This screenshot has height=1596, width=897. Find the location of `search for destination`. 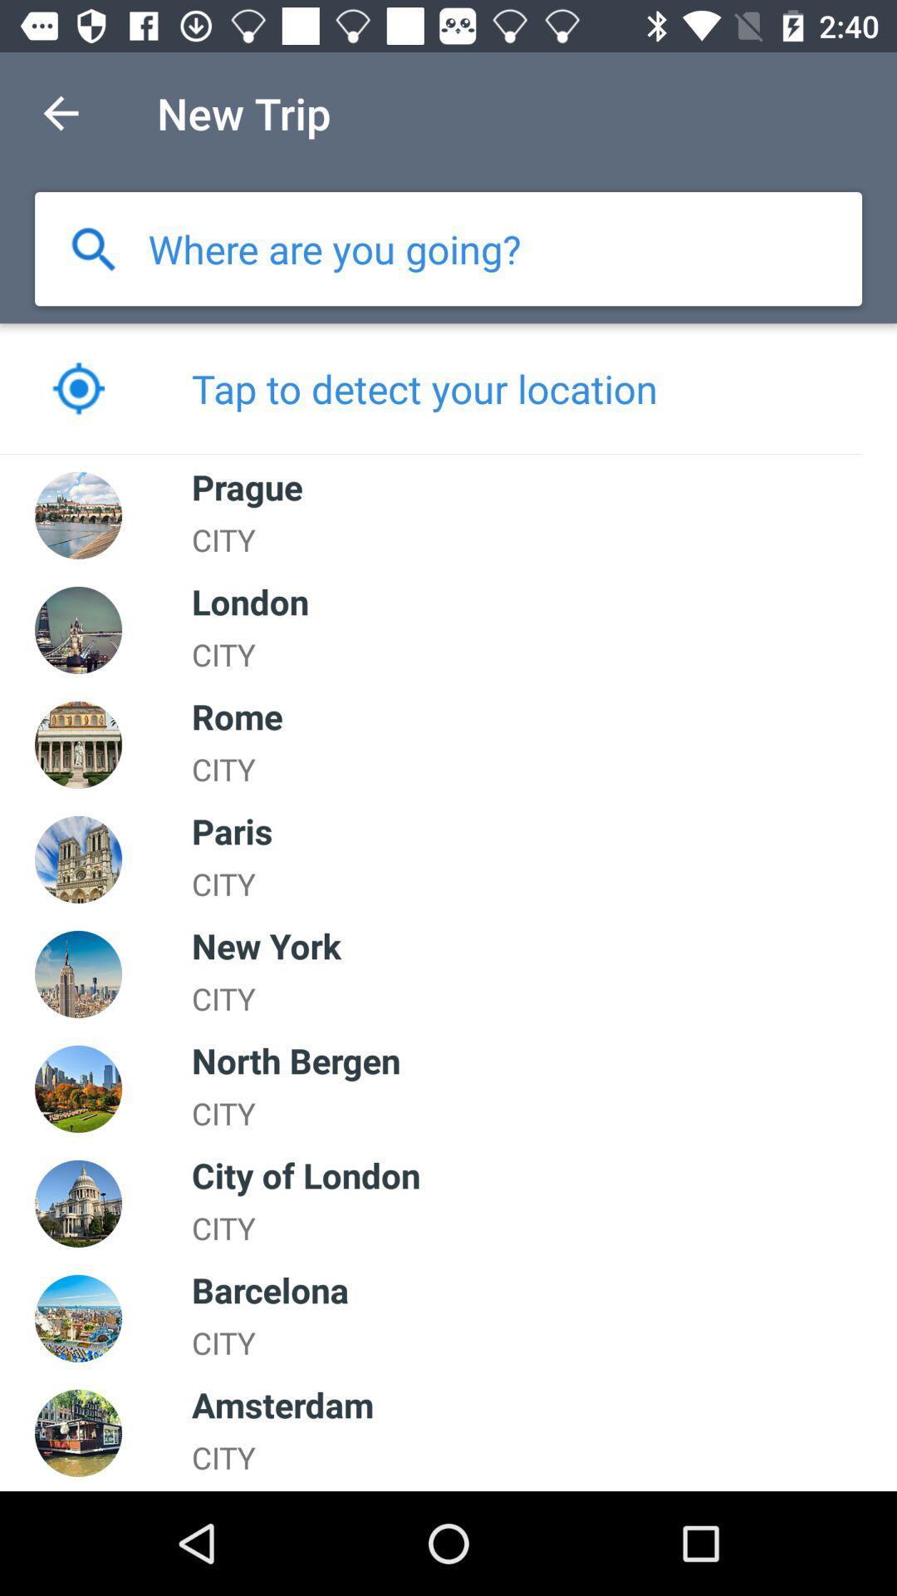

search for destination is located at coordinates (335, 248).